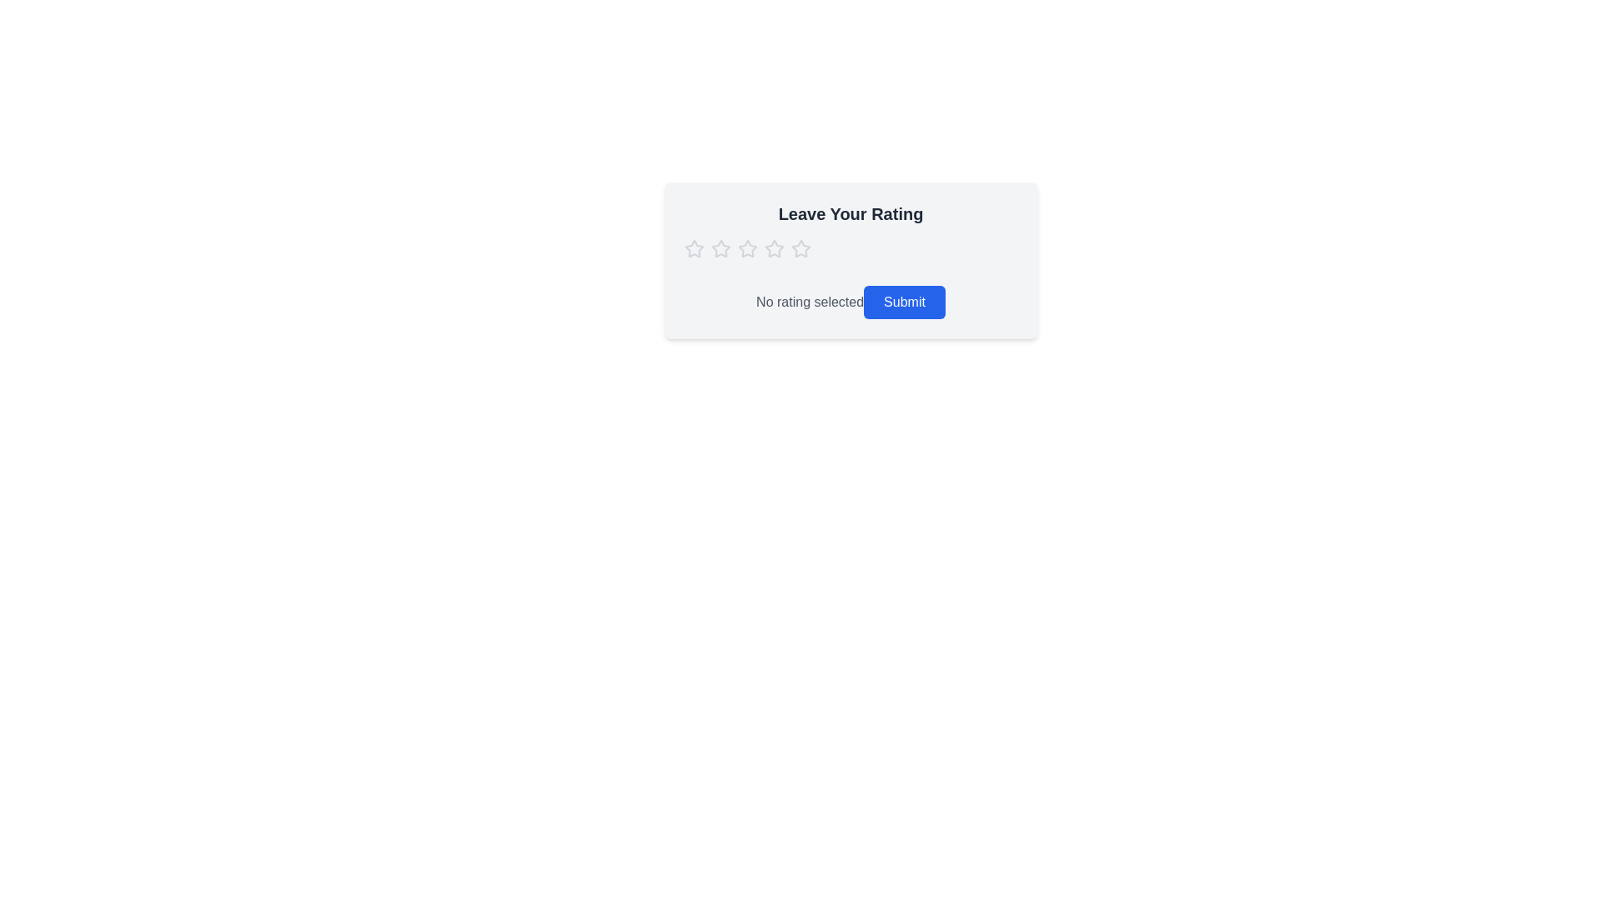 The image size is (1601, 900). What do you see at coordinates (694, 249) in the screenshot?
I see `the first star icon in the rating component to set the rating to one out of five` at bounding box center [694, 249].